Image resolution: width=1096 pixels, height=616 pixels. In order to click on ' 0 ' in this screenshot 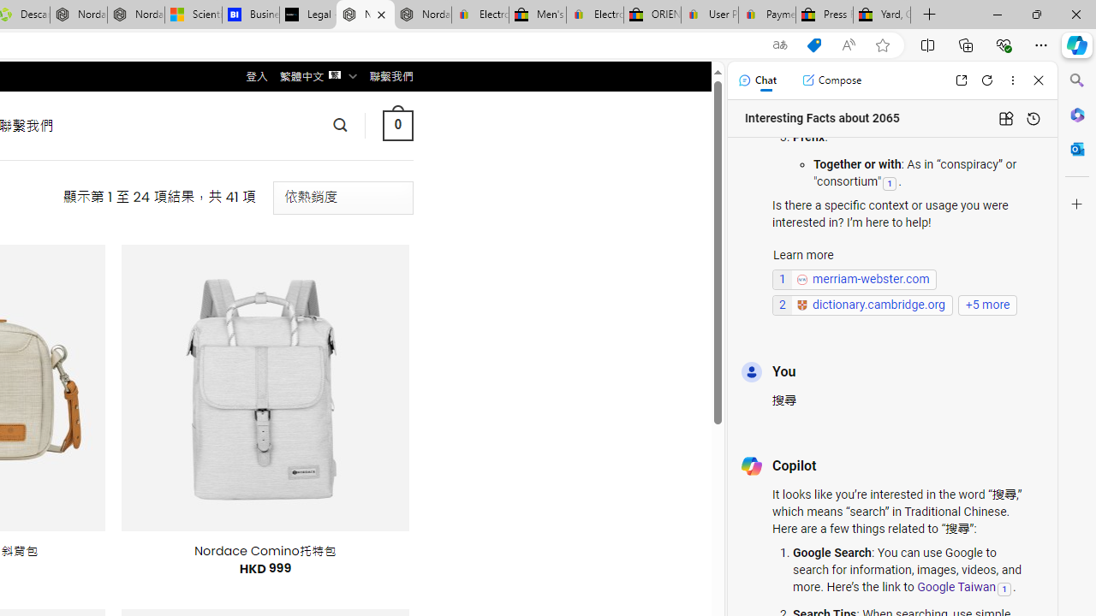, I will do `click(396, 124)`.